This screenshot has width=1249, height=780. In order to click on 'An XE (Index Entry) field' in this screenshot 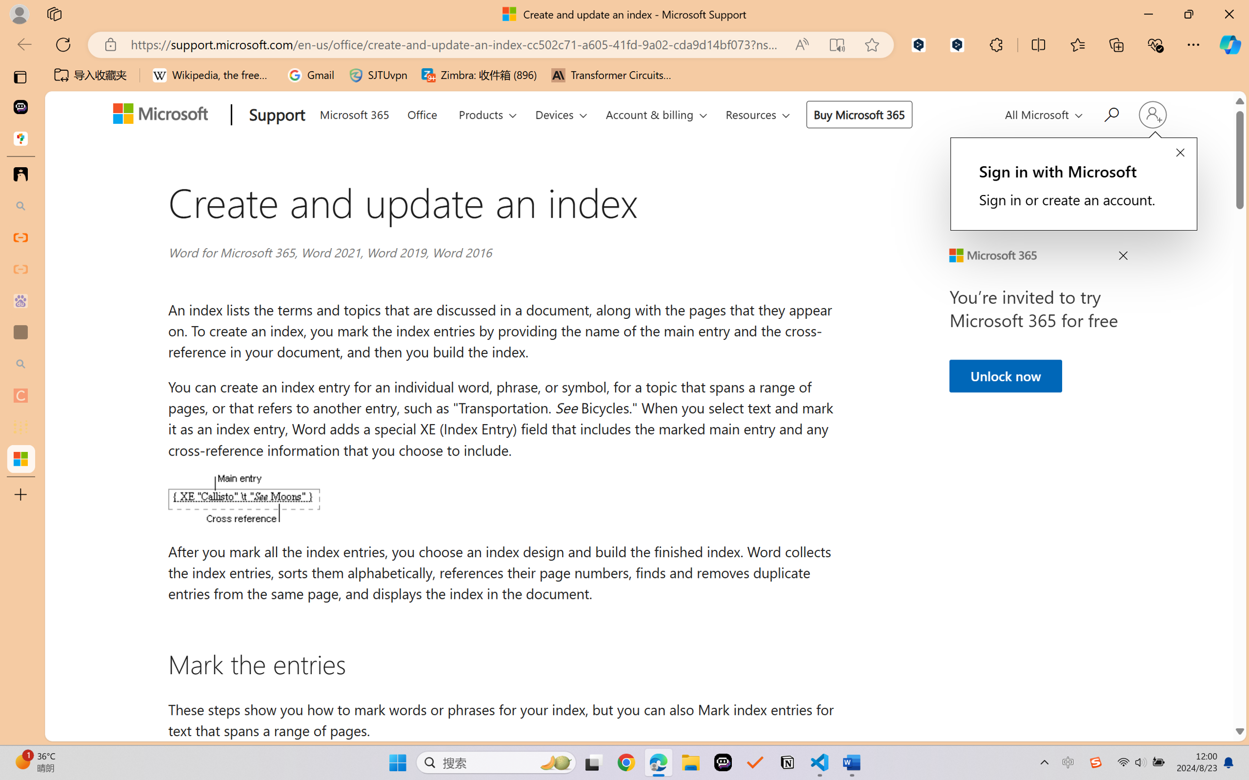, I will do `click(243, 497)`.